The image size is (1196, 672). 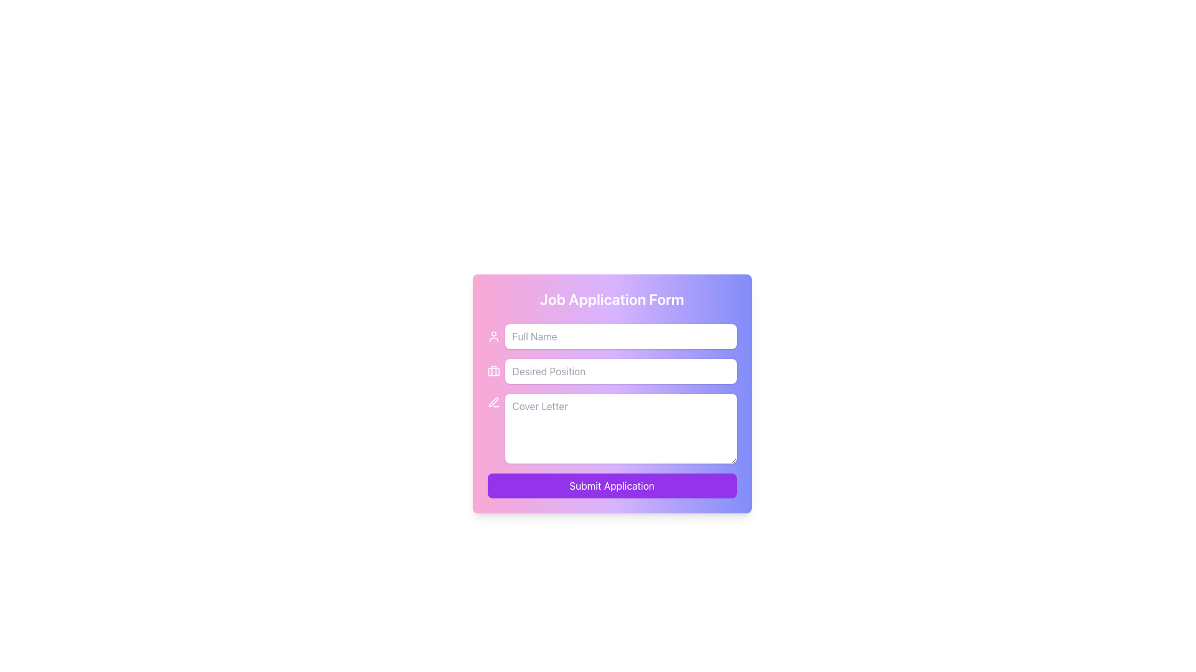 I want to click on the decorative component of the SVG icon located within the briefcase icon, which symbolizes a professional context for the 'Desired Position' field, so click(x=493, y=371).